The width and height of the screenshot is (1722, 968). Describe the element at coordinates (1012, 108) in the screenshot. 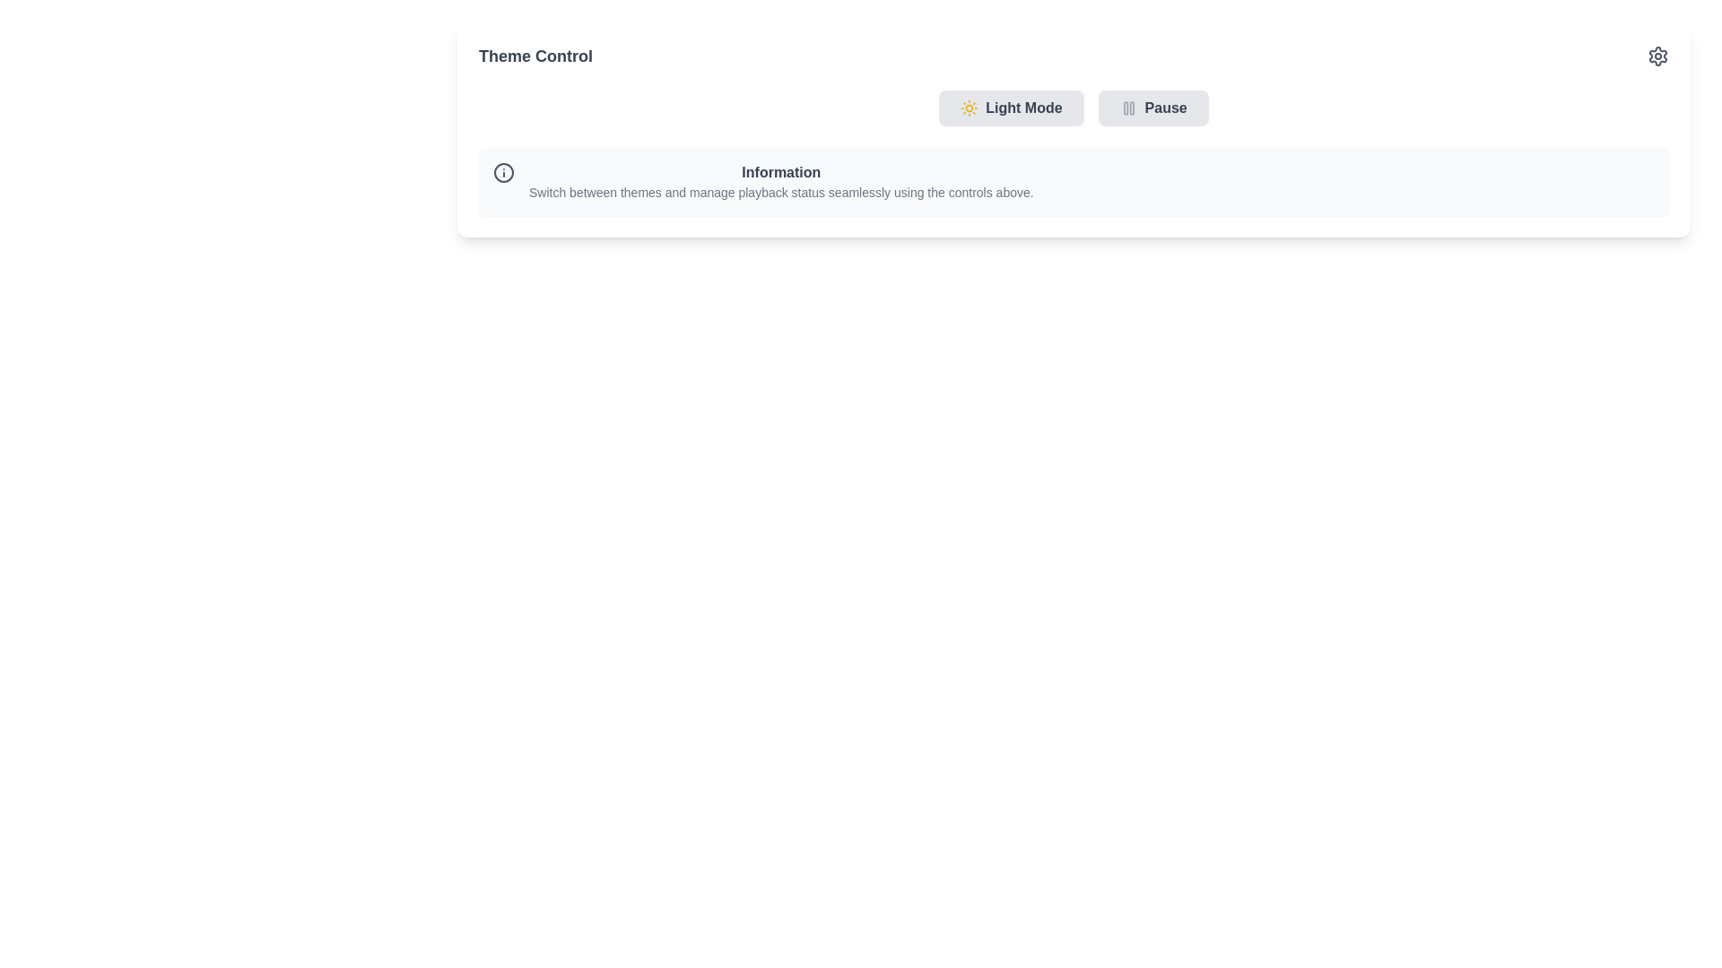

I see `the leftmost button under the 'Theme Control' heading` at that location.